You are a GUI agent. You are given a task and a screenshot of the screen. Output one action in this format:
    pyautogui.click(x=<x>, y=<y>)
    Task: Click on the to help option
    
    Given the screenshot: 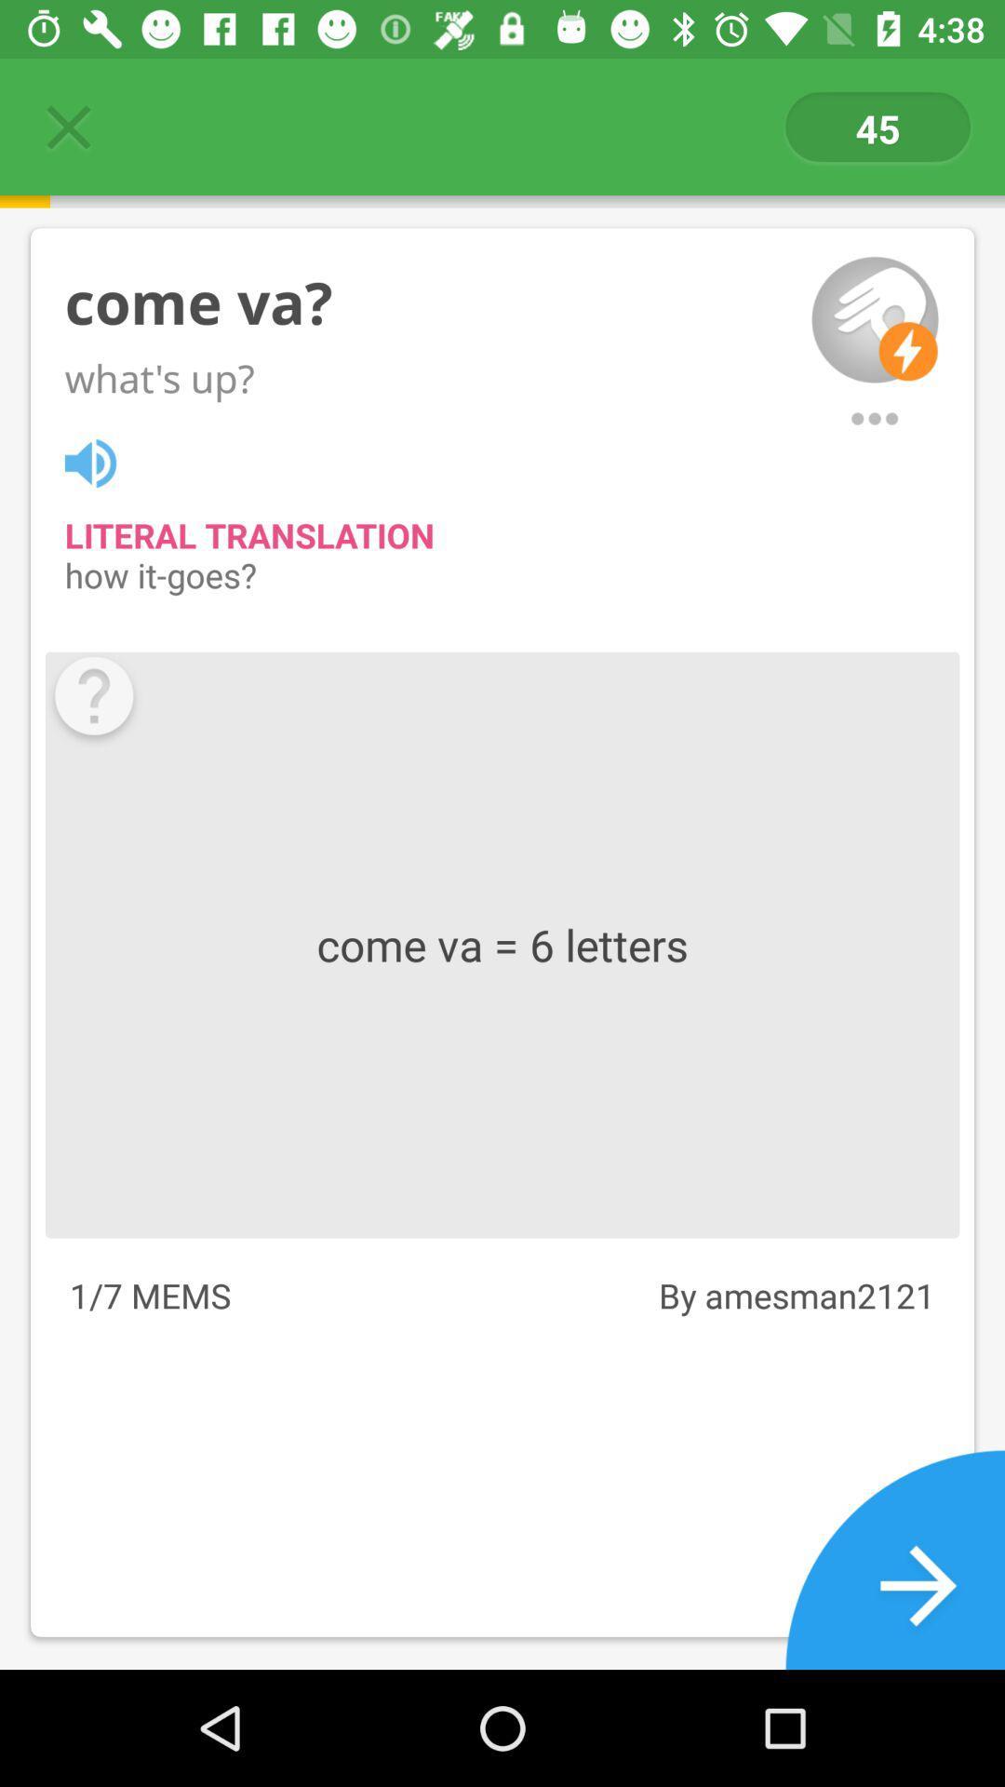 What is the action you would take?
    pyautogui.click(x=94, y=700)
    